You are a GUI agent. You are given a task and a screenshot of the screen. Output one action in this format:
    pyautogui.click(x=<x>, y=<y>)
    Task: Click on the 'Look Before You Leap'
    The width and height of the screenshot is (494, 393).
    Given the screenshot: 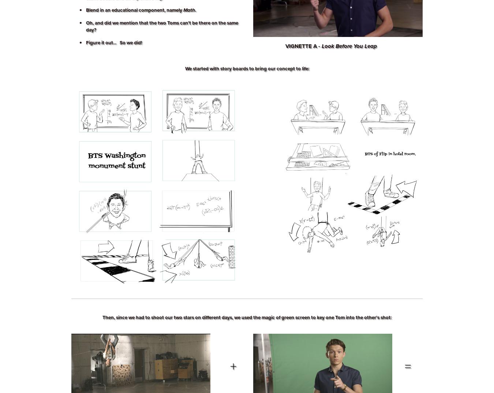 What is the action you would take?
    pyautogui.click(x=349, y=45)
    